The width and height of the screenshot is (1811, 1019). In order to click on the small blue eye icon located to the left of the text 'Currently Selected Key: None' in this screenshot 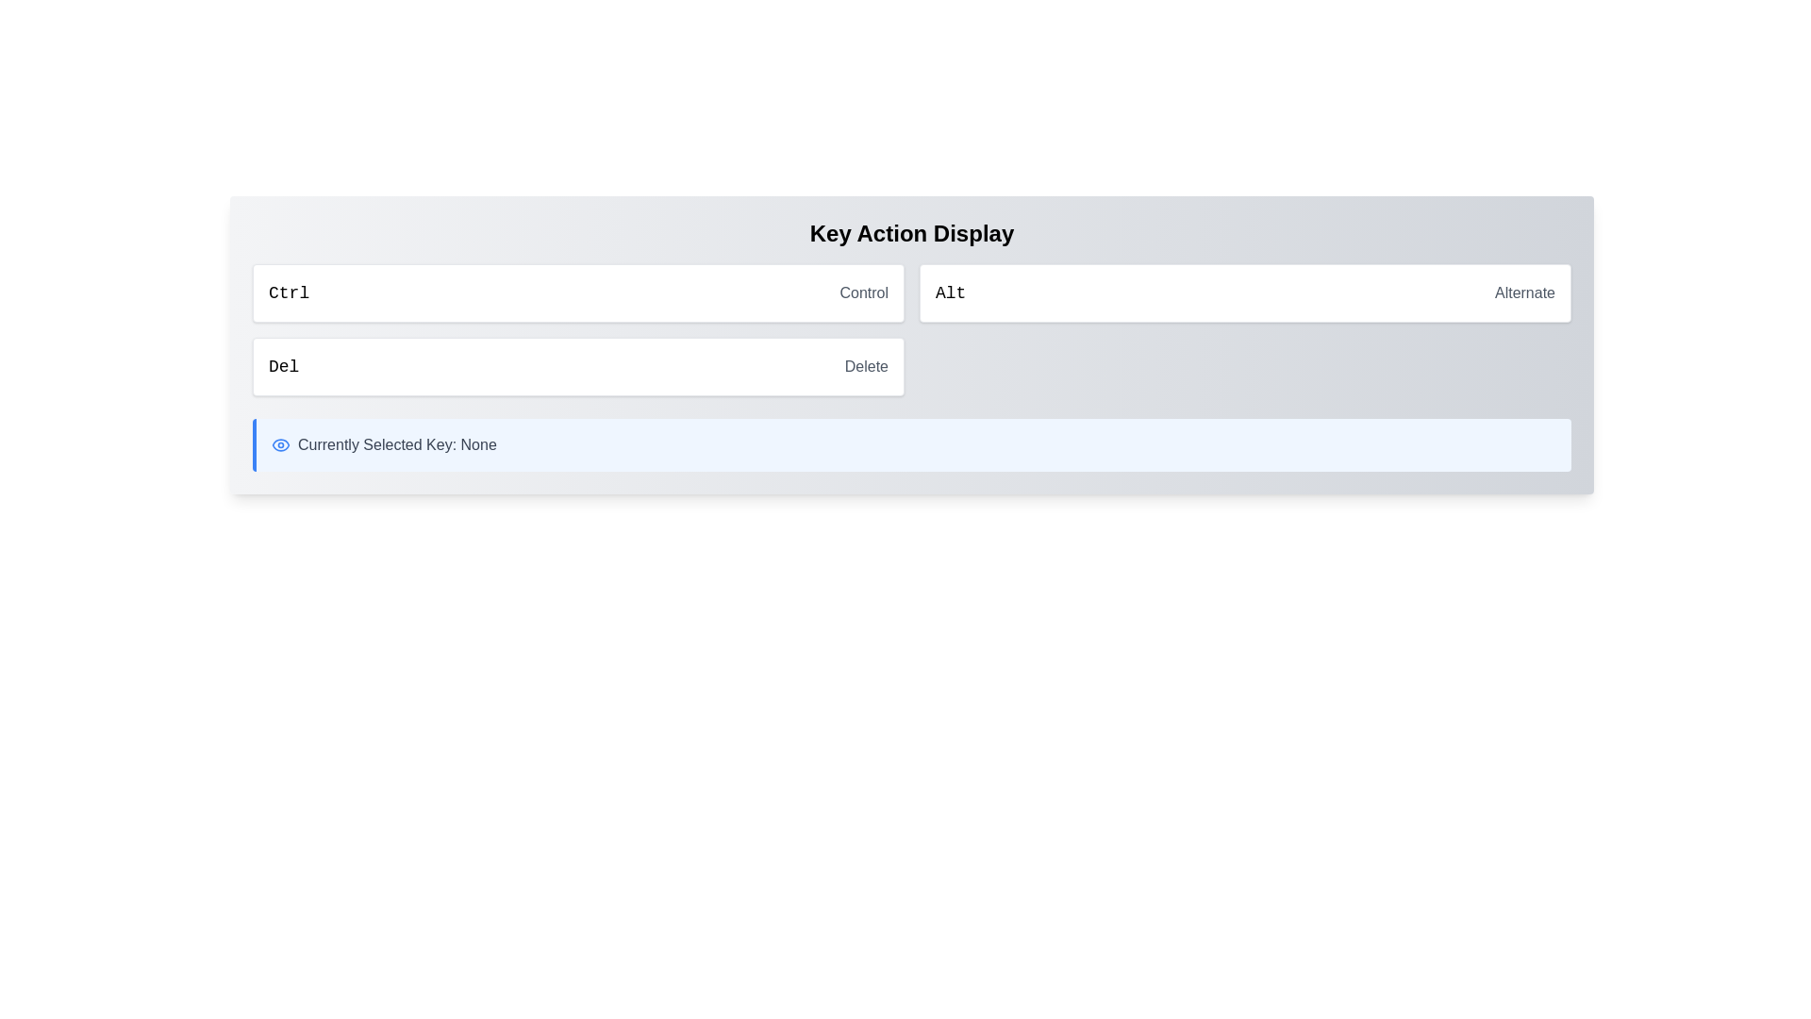, I will do `click(279, 444)`.